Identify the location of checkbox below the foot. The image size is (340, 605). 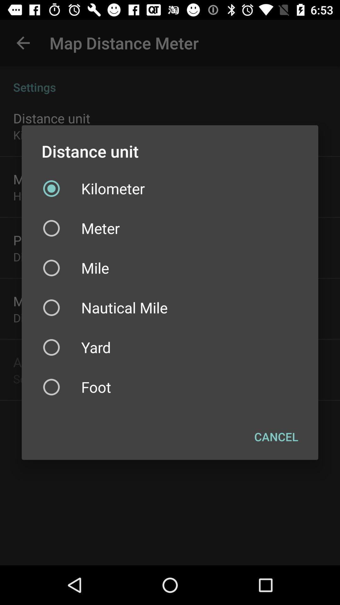
(276, 436).